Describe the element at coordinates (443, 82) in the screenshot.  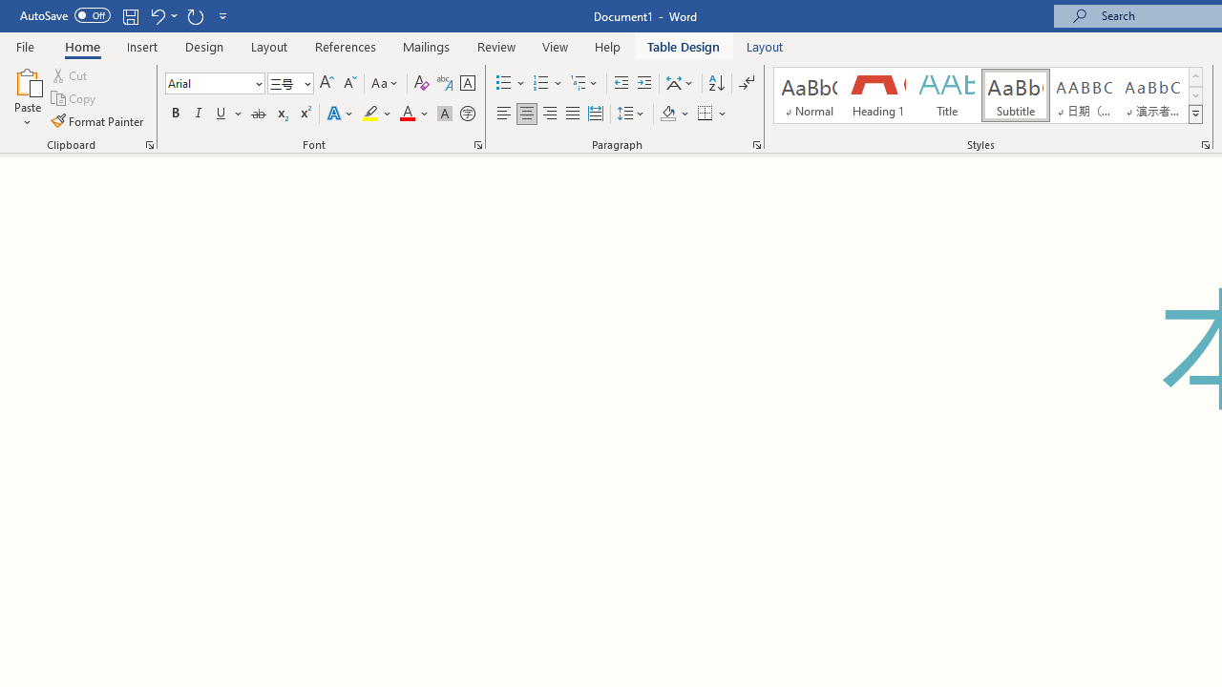
I see `'Phonetic Guide...'` at that location.